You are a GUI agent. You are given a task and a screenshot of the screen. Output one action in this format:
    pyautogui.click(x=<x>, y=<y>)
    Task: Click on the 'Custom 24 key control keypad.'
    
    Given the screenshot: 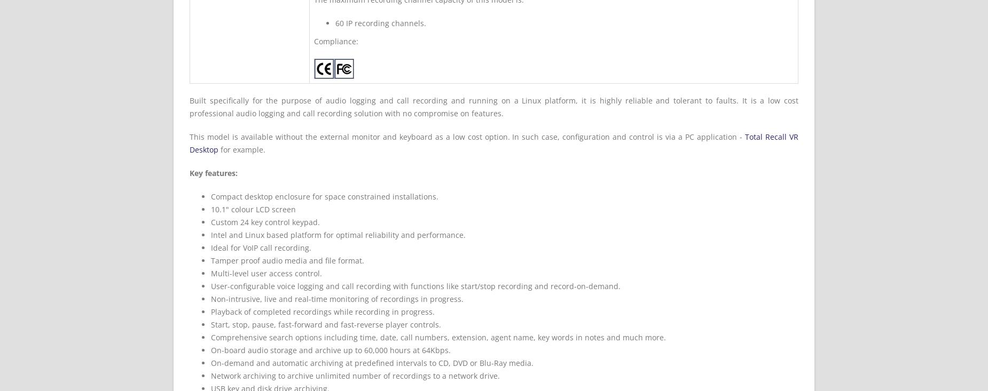 What is the action you would take?
    pyautogui.click(x=265, y=222)
    